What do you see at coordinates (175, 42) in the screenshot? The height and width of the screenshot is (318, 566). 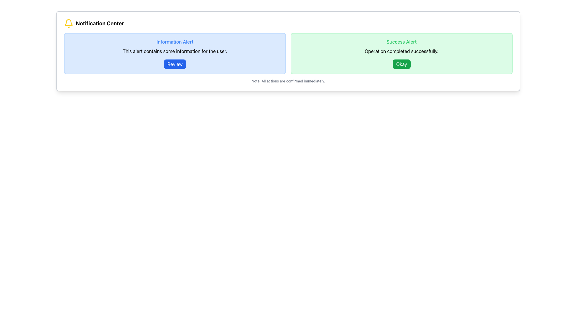 I see `text of the 'Information Alert' label, which is styled in medium-weight blue font within a light blue notification box` at bounding box center [175, 42].